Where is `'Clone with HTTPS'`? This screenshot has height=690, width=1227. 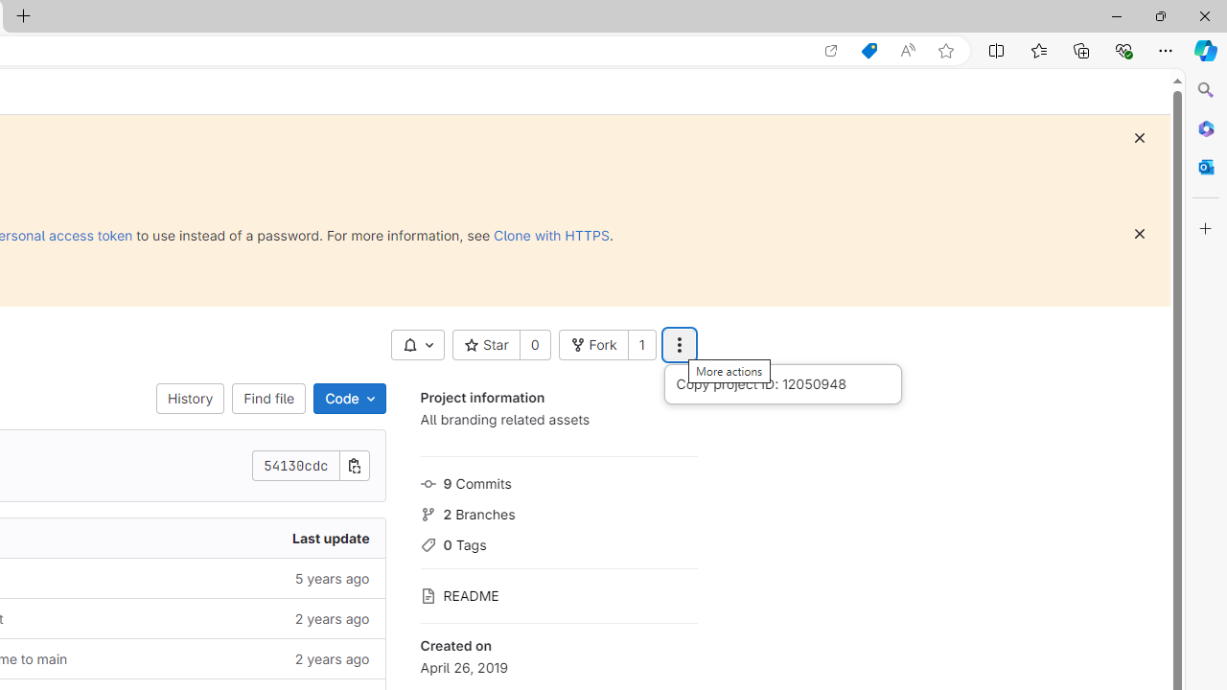
'Clone with HTTPS' is located at coordinates (550, 234).